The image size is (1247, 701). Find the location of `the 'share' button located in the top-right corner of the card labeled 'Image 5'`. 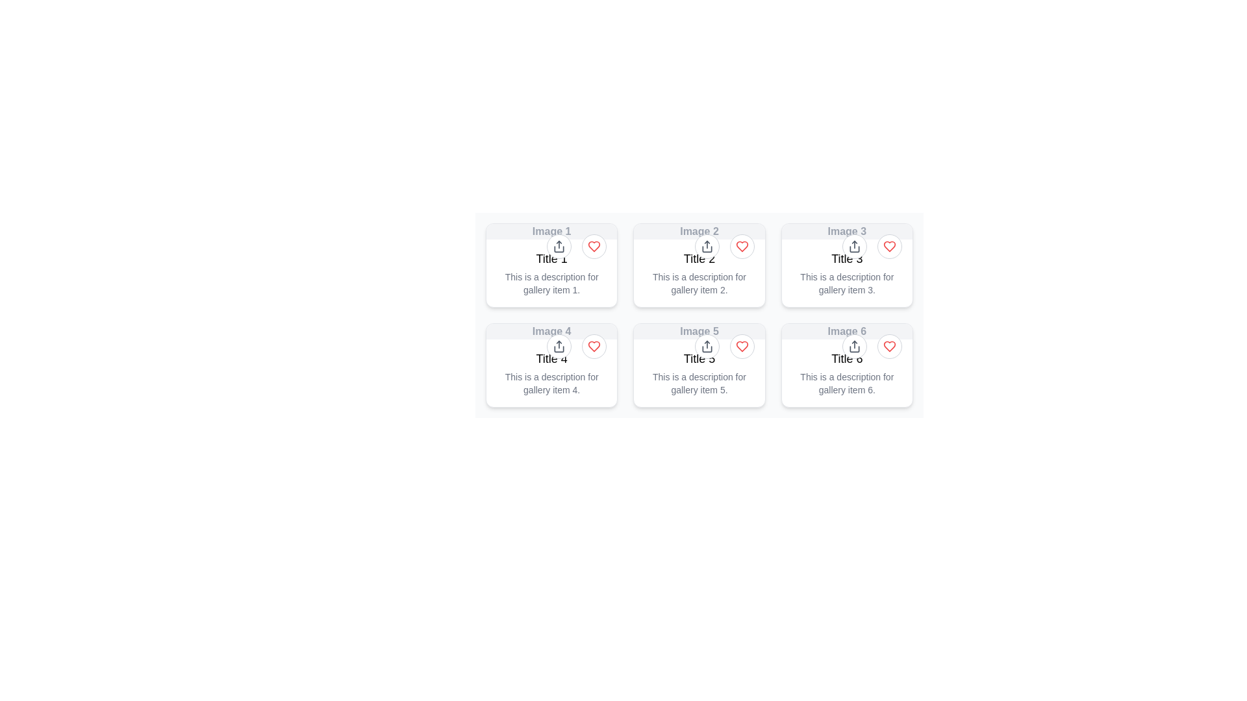

the 'share' button located in the top-right corner of the card labeled 'Image 5' is located at coordinates (706, 345).